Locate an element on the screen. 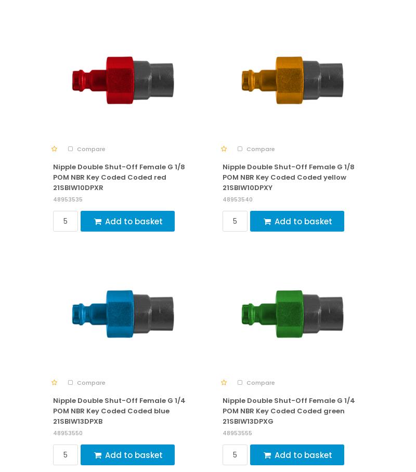  'About us' is located at coordinates (69, 300).